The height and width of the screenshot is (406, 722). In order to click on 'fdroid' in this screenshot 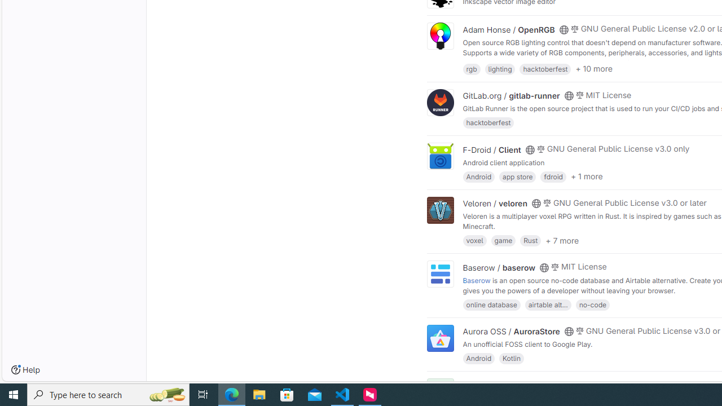, I will do `click(553, 176)`.